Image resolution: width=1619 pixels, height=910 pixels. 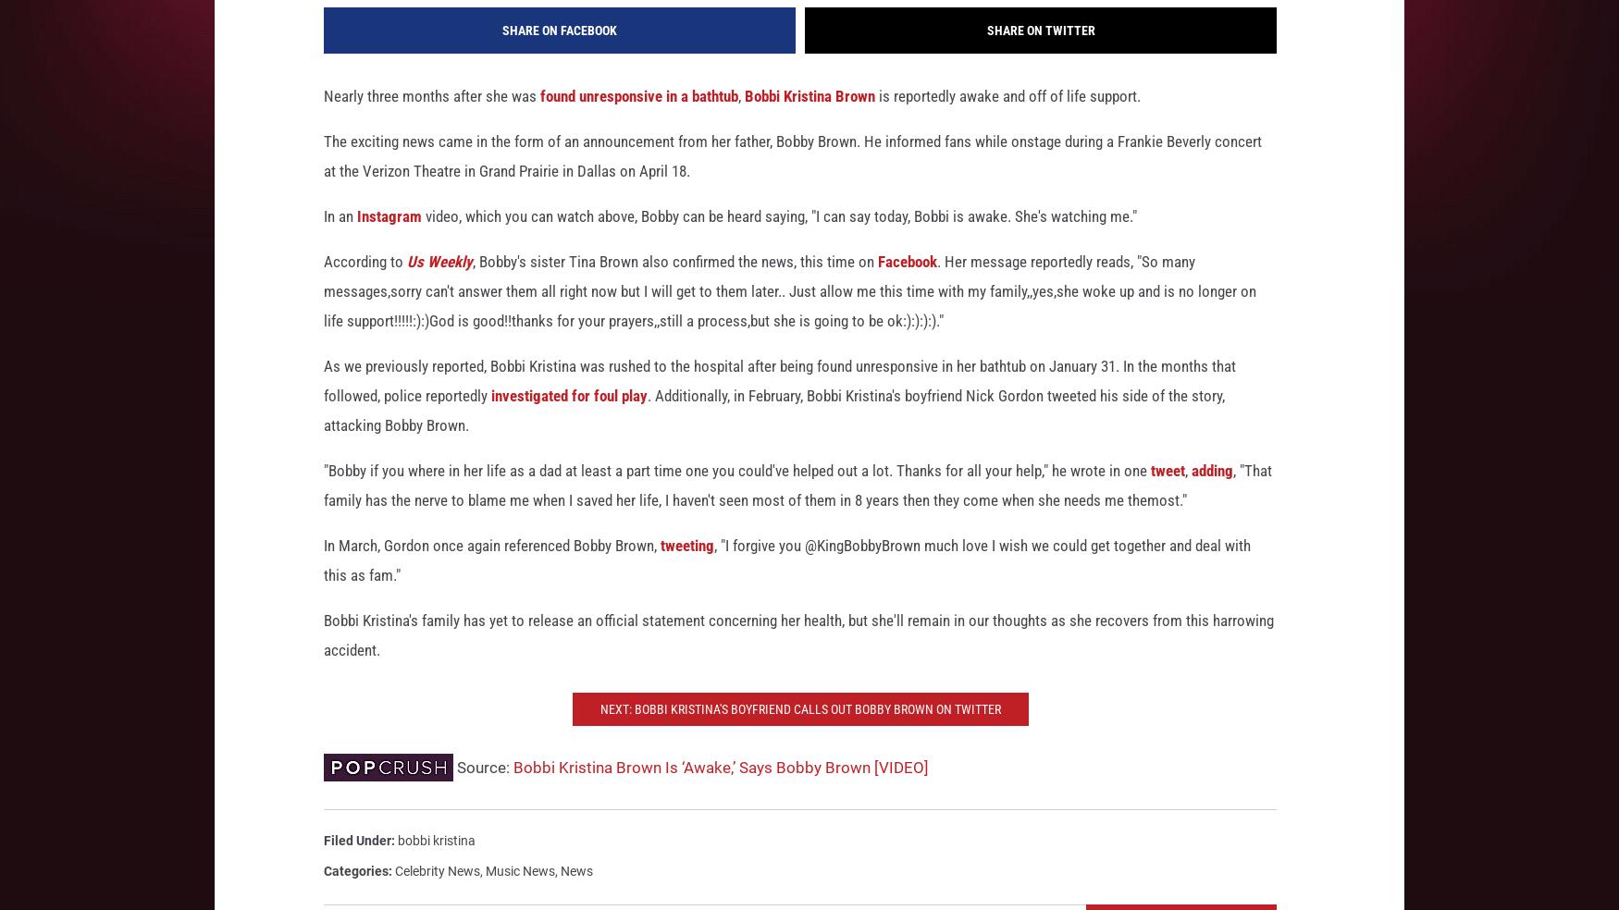 I want to click on 'investigated for foul play', so click(x=569, y=421).